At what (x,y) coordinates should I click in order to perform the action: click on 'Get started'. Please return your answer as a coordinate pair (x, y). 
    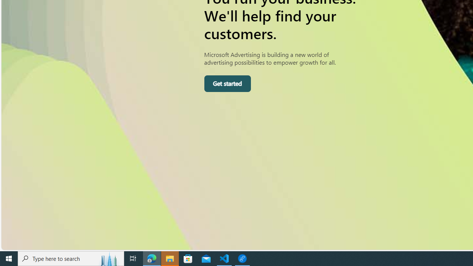
    Looking at the image, I should click on (227, 83).